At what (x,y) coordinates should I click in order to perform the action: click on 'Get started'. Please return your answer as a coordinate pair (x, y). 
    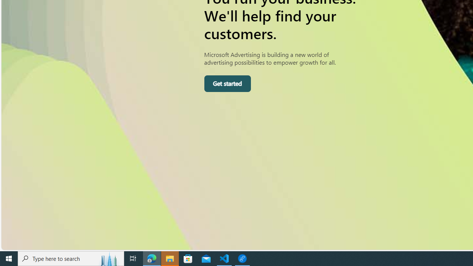
    Looking at the image, I should click on (227, 83).